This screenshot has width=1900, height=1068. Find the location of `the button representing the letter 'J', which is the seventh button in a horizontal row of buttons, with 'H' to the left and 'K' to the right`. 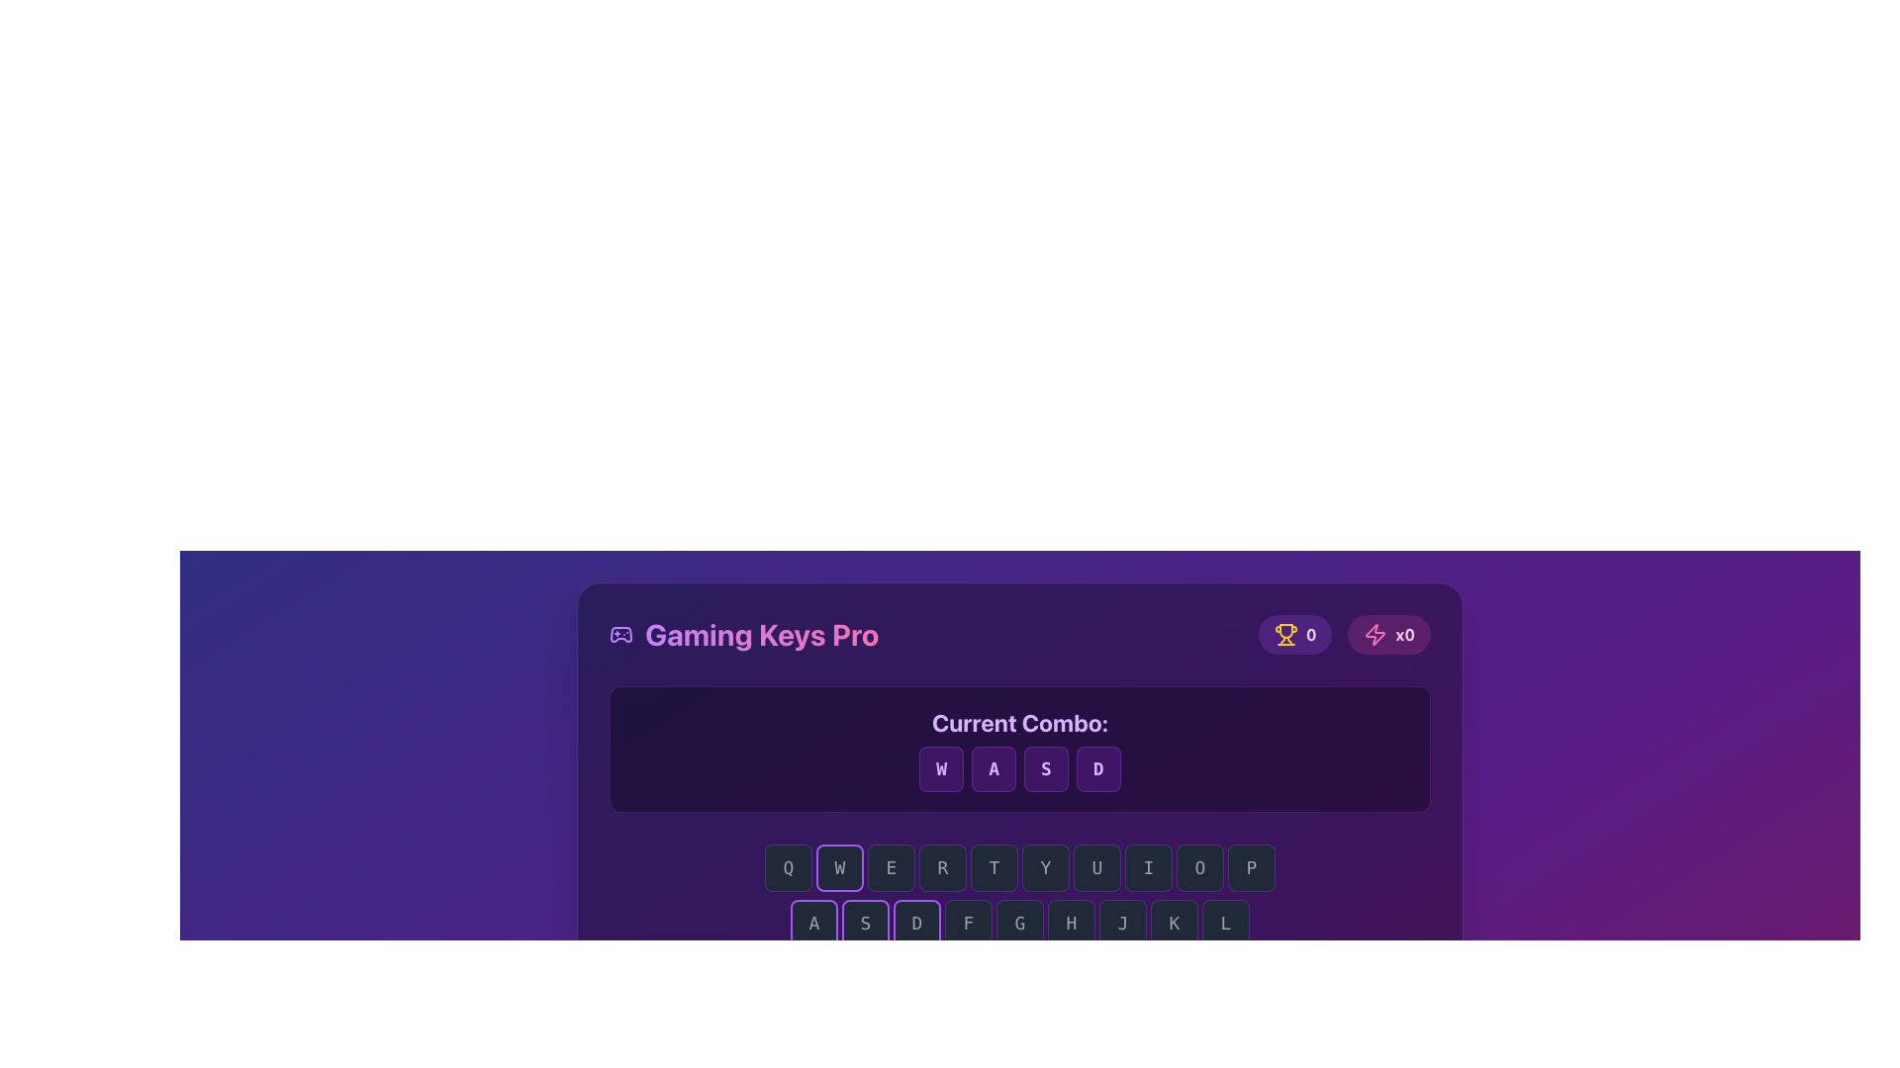

the button representing the letter 'J', which is the seventh button in a horizontal row of buttons, with 'H' to the left and 'K' to the right is located at coordinates (1122, 923).